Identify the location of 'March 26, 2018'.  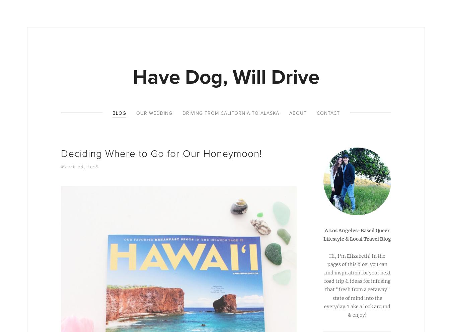
(79, 166).